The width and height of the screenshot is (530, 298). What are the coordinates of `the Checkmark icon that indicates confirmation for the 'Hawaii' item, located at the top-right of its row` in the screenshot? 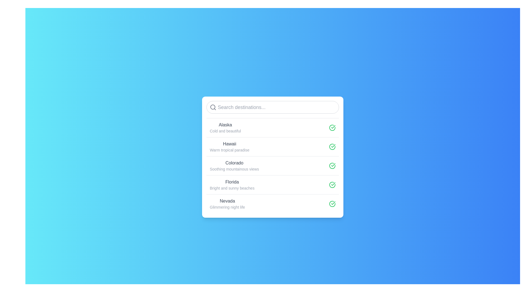 It's located at (332, 146).